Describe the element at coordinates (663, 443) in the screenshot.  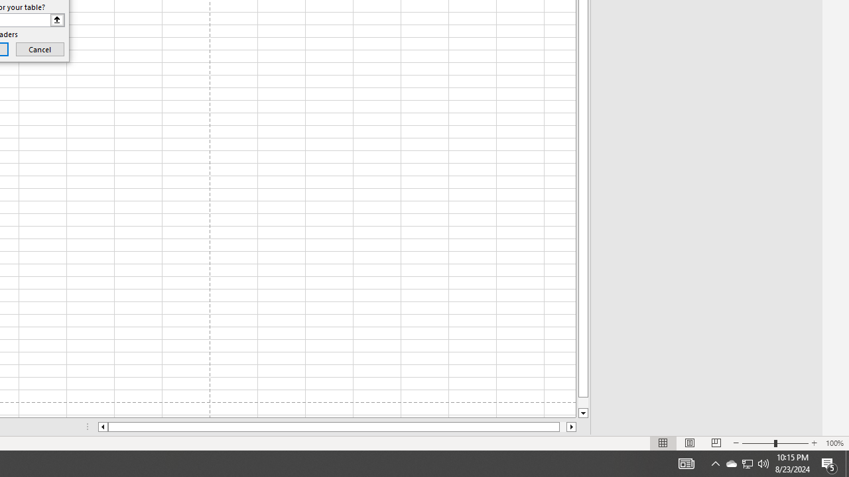
I see `'Normal'` at that location.